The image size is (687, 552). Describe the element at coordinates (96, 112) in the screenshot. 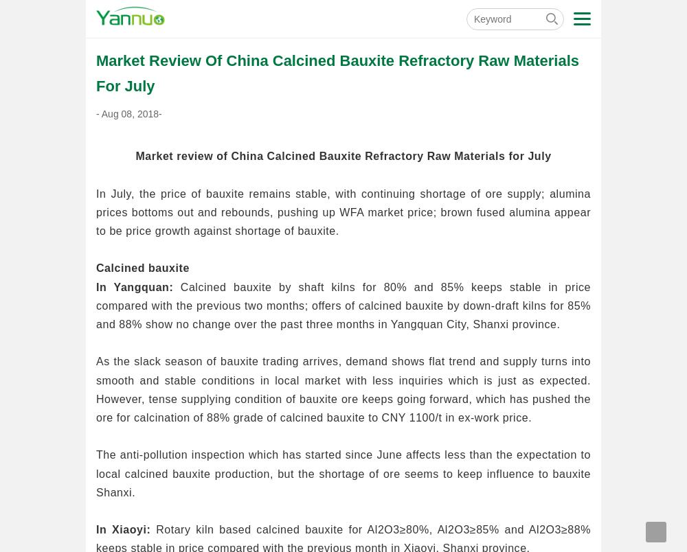

I see `'- Aug 08, 2018-'` at that location.